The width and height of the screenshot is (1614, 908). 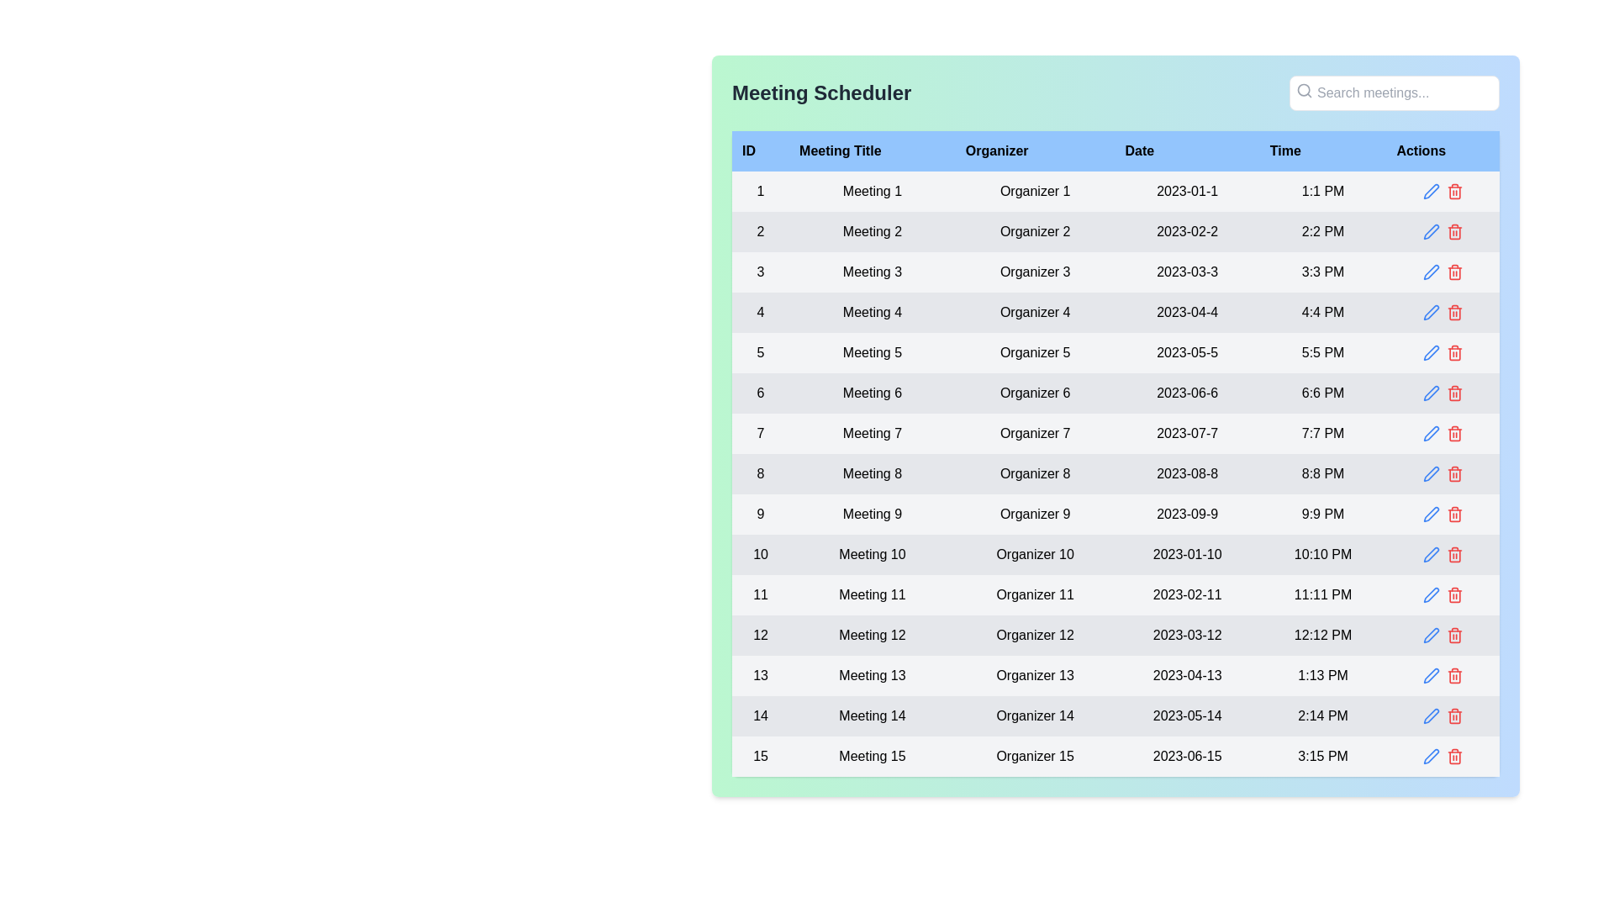 What do you see at coordinates (1442, 433) in the screenshot?
I see `the blue pencil icon in the actions column of the seventh row related to 'Meeting 7'` at bounding box center [1442, 433].